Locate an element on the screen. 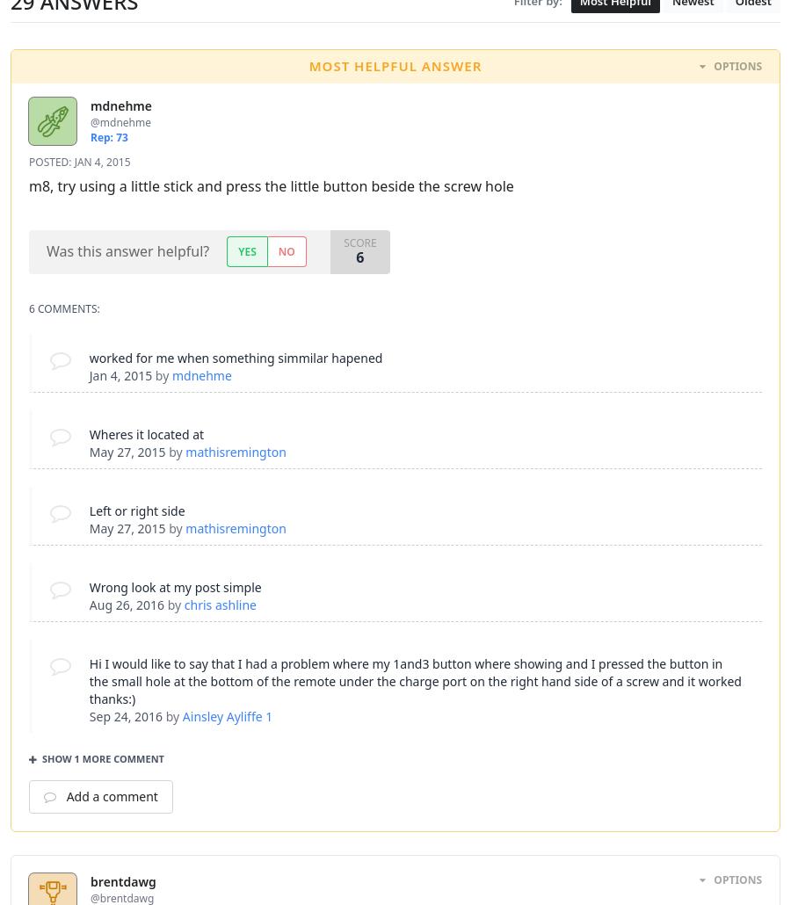 The image size is (791, 905). 'May 24, 2012' is located at coordinates (123, 29).